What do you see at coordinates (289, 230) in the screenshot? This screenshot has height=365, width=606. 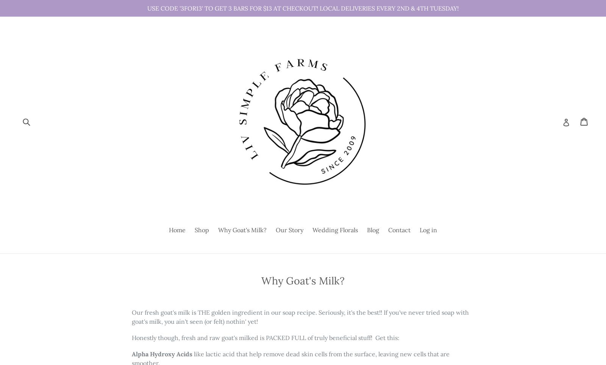 I see `'Our Story'` at bounding box center [289, 230].